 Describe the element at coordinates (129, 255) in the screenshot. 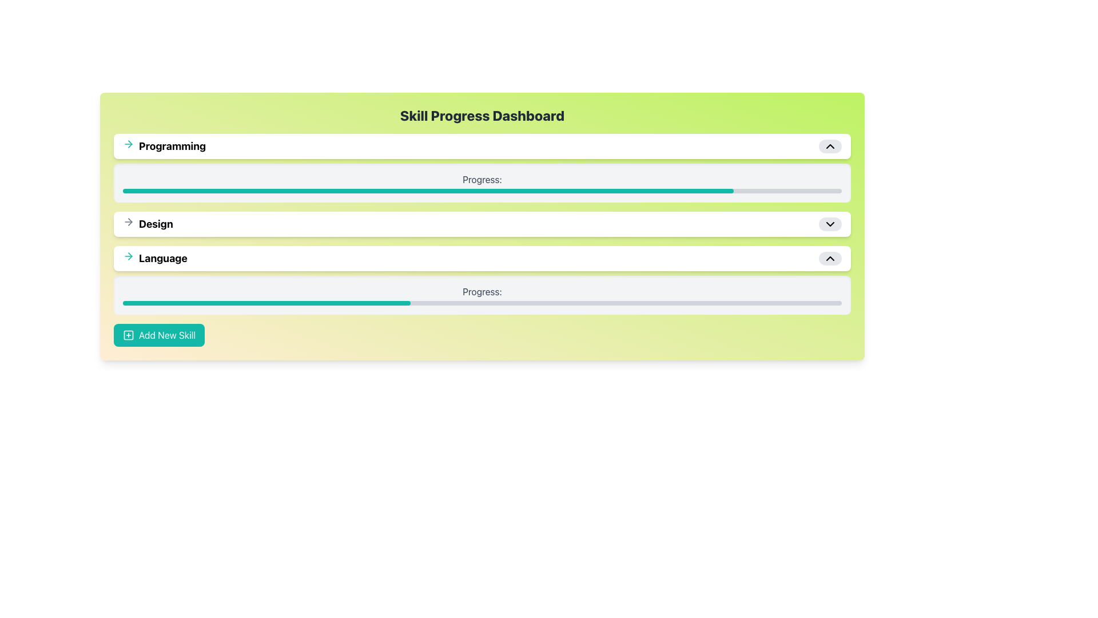

I see `the arrow icon located to the left of the 'Language' label, which indicates progression or navigation within the 'Language' section` at that location.